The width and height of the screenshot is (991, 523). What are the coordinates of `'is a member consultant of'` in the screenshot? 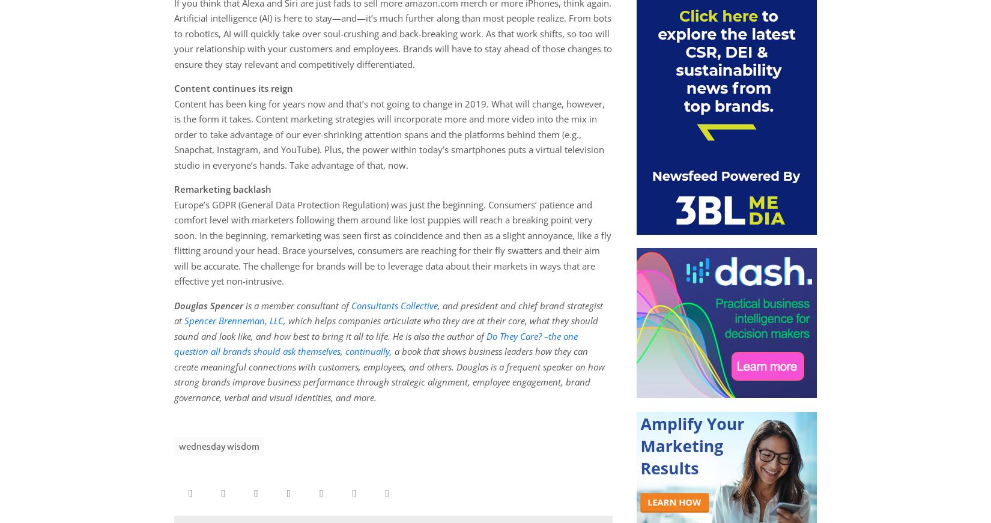 It's located at (297, 304).